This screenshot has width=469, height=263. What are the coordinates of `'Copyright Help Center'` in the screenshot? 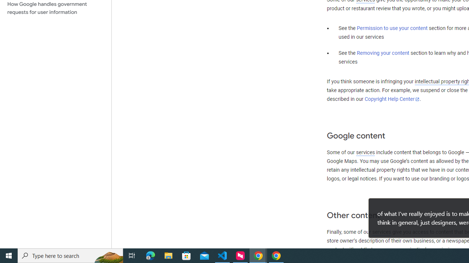 It's located at (392, 99).